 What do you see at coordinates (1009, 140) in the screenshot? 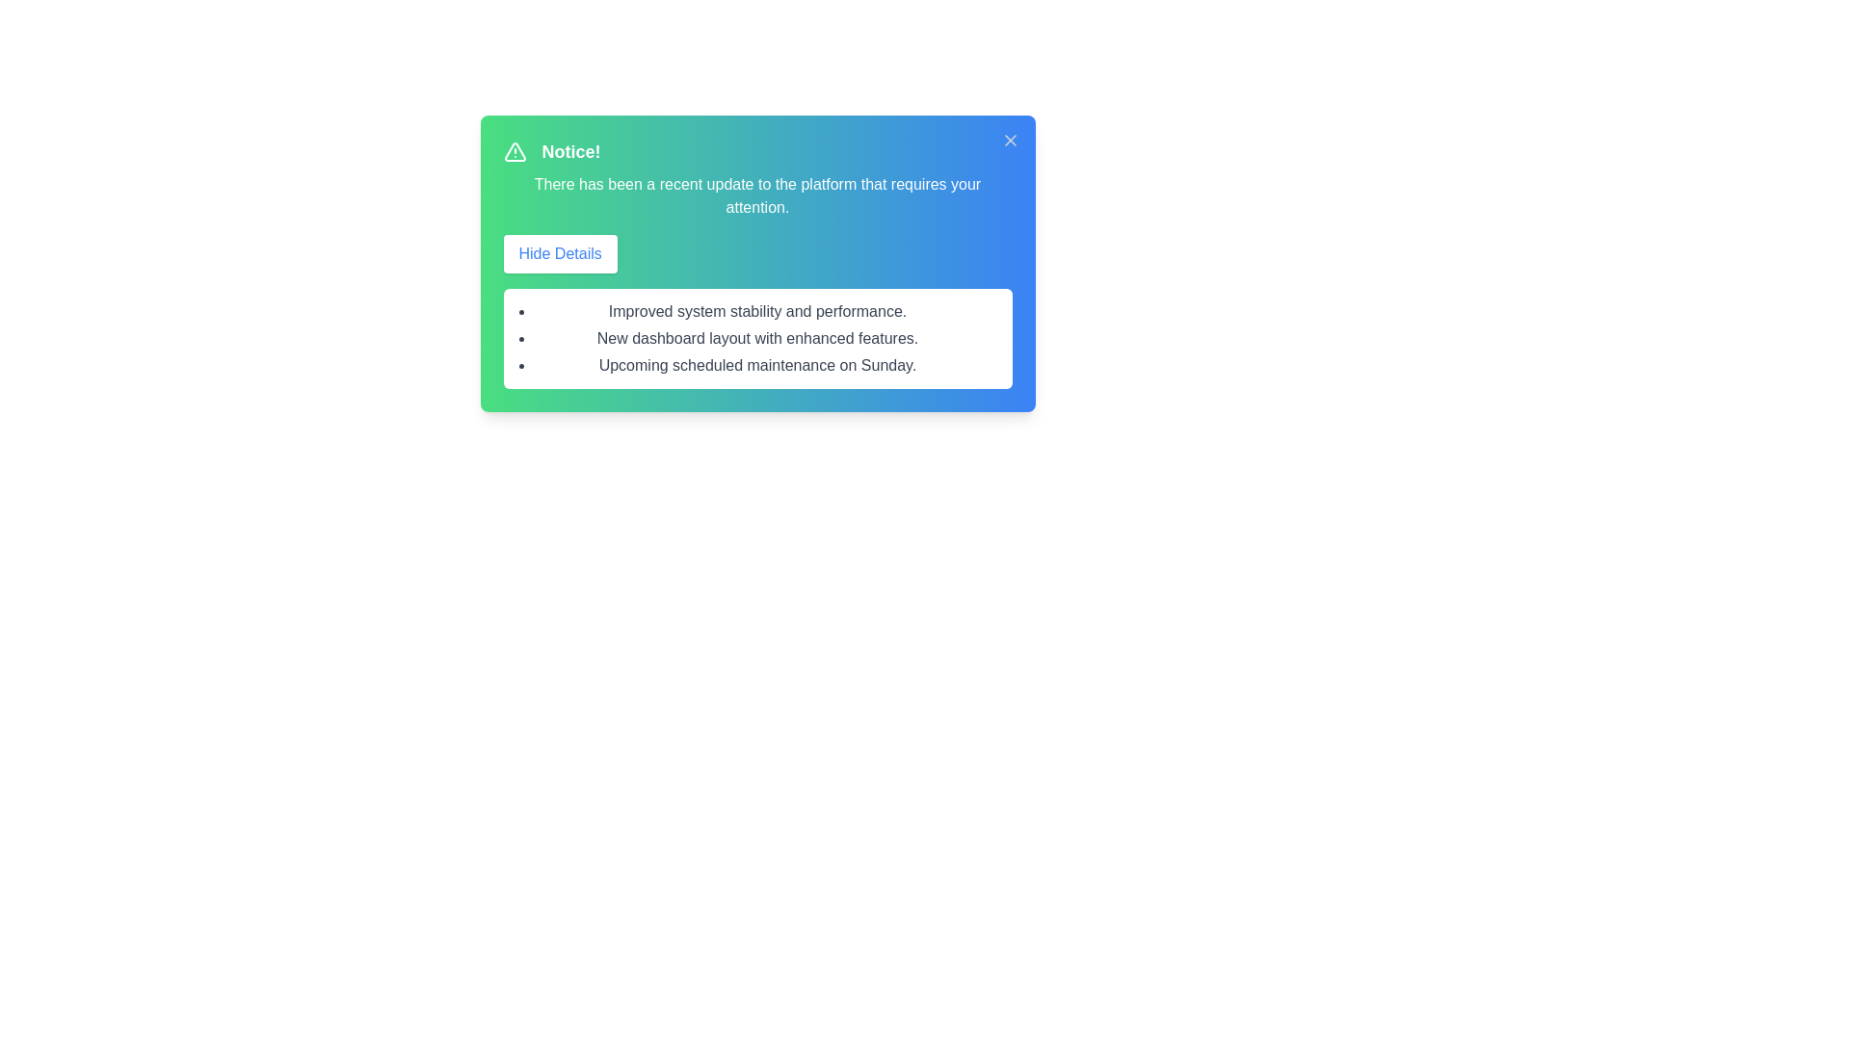
I see `the close button to dismiss the alert` at bounding box center [1009, 140].